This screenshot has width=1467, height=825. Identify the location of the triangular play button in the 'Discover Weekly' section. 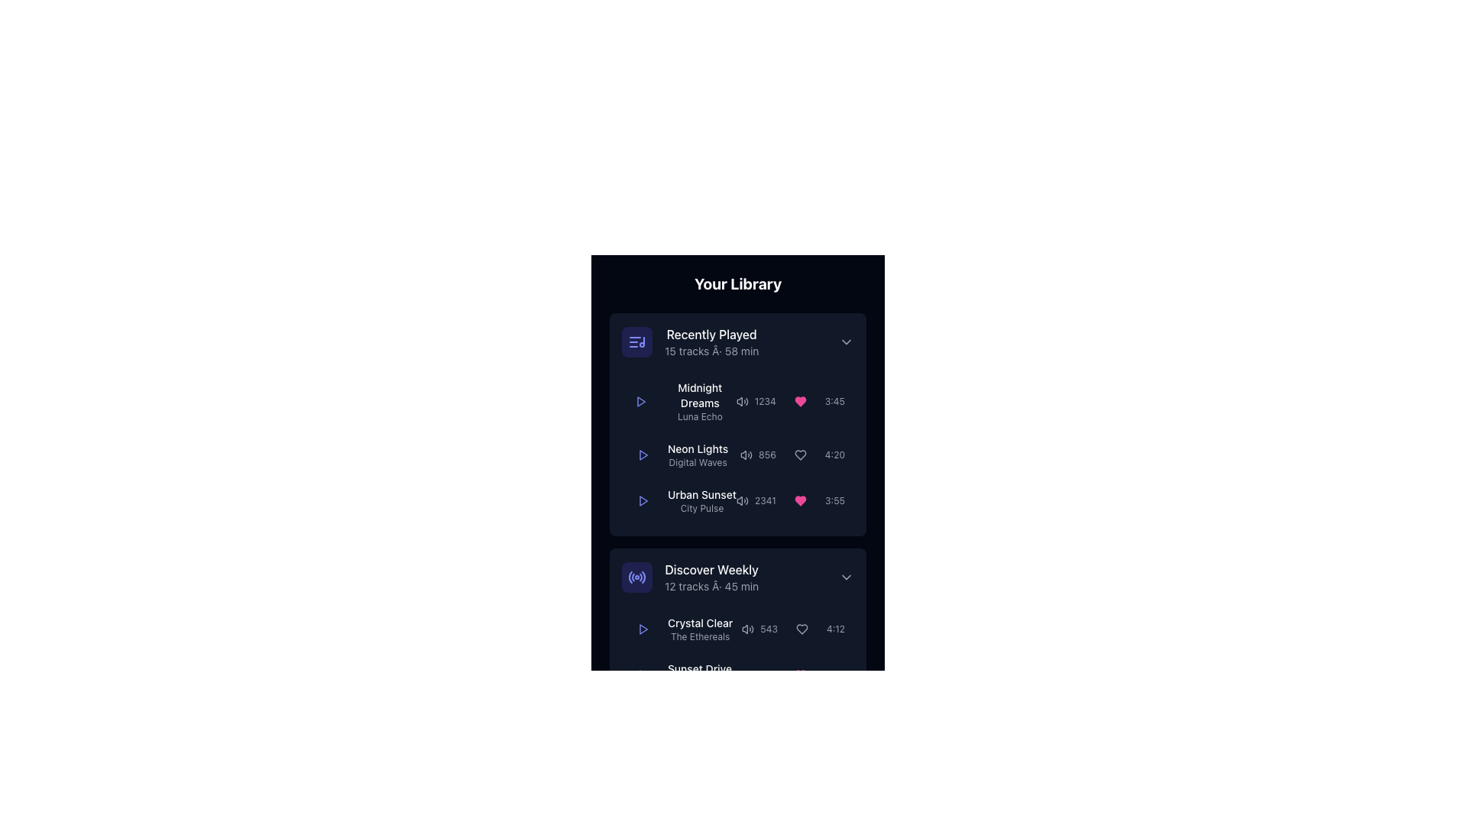
(643, 674).